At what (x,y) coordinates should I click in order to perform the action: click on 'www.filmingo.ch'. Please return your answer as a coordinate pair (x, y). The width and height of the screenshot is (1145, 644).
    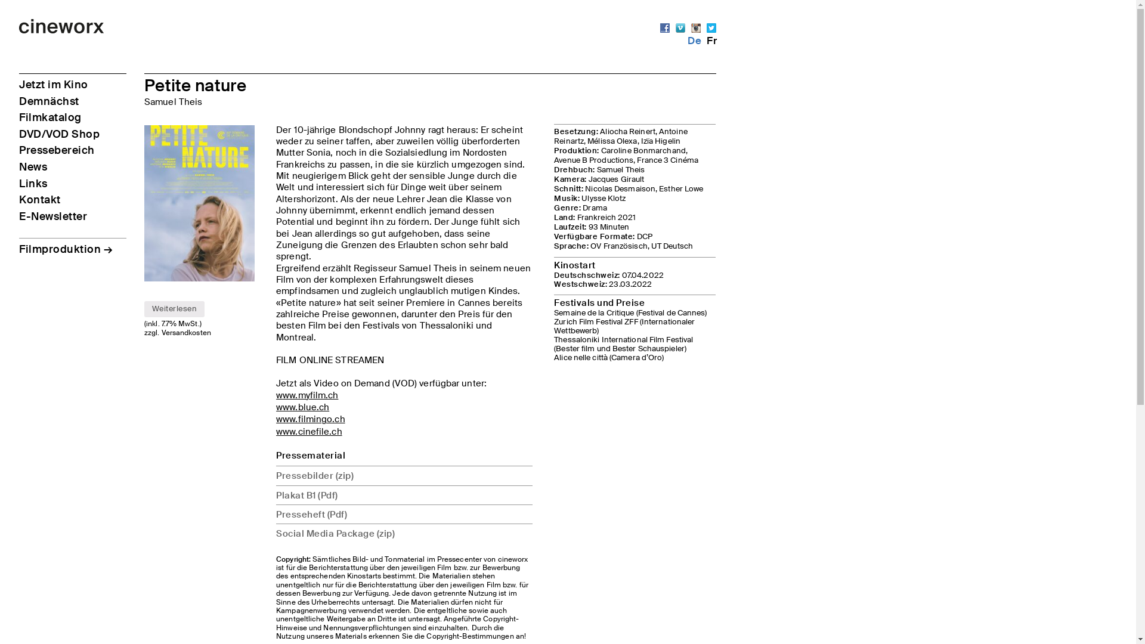
    Looking at the image, I should click on (311, 418).